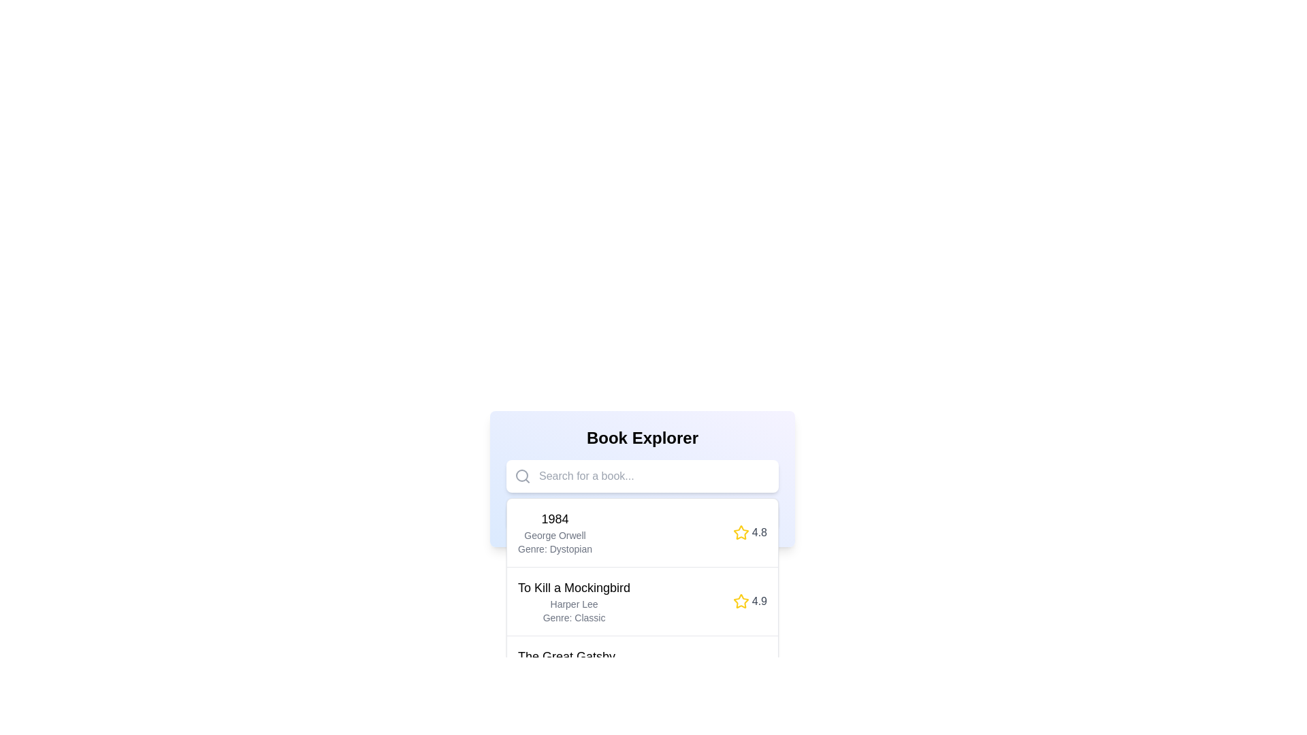  Describe the element at coordinates (740, 600) in the screenshot. I see `the star rating icon located next to the text '4.9' and below 'To Kill a Mockingbird' in the second list entry` at that location.